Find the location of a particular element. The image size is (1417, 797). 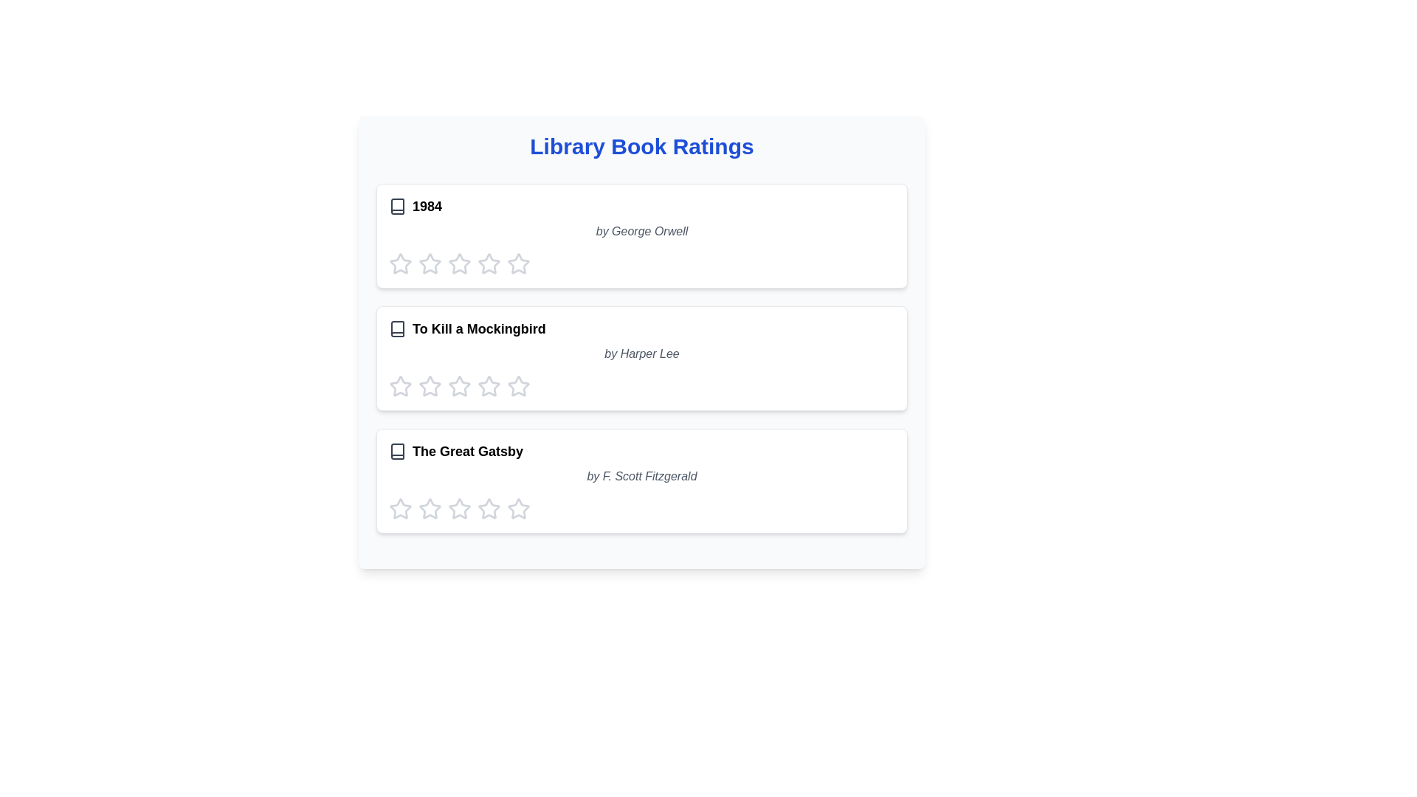

the third star in the star rating system is located at coordinates (489, 263).